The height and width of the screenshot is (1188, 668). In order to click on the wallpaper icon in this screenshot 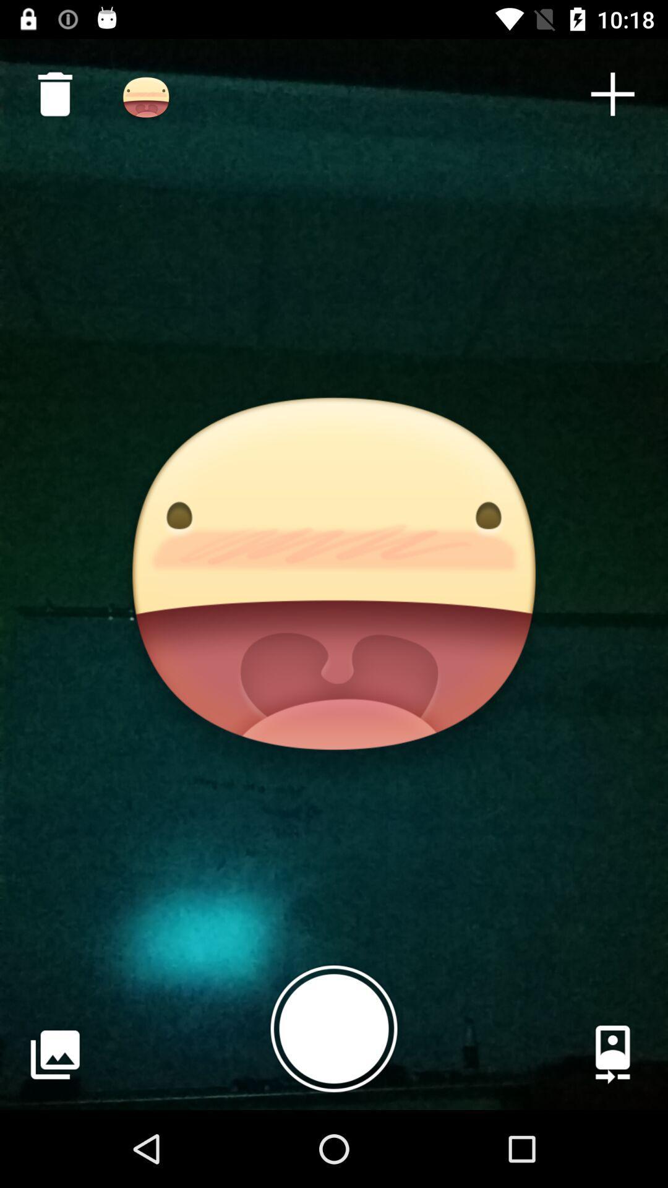, I will do `click(54, 1054)`.